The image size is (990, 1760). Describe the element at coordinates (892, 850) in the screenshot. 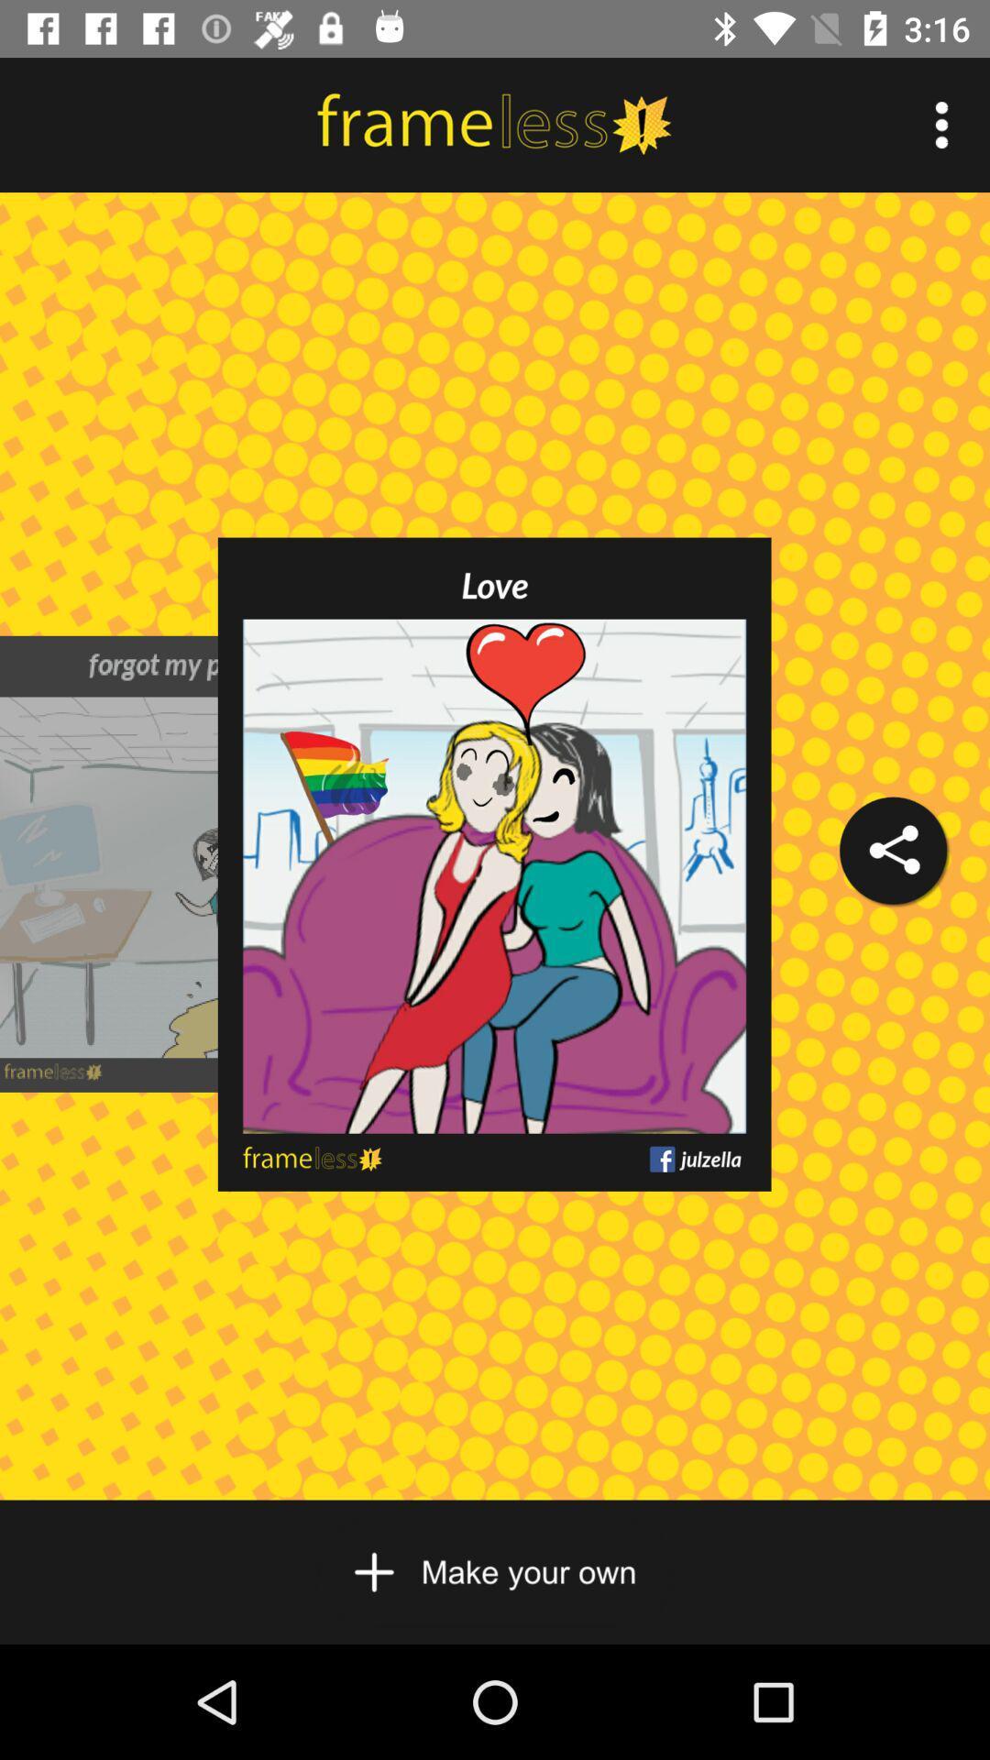

I see `share picture` at that location.